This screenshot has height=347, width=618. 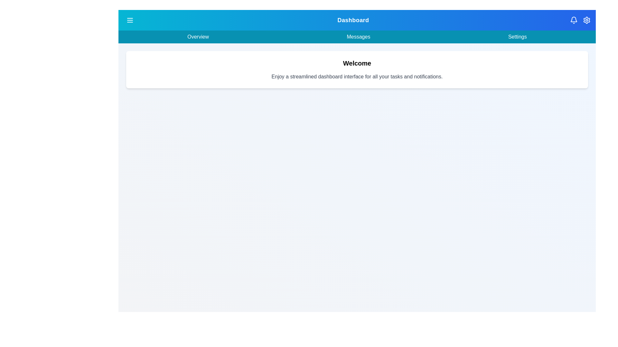 What do you see at coordinates (574, 20) in the screenshot?
I see `the notifications_icon to inspect its behavior` at bounding box center [574, 20].